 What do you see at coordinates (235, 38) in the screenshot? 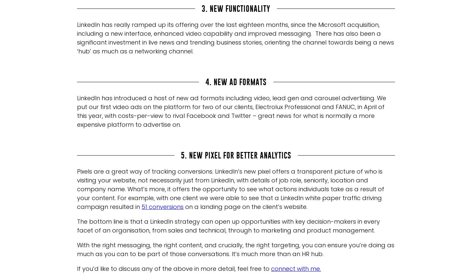
I see `'LinkedIn has really ramped up its offering over the last eighteen months, since the Microsoft acquisition, including a new interface, enhanced video capability and improved messaging.  There has also been a significant investment in live news and trending business stories, orienting the channel towards being a news ‘hub’ as much as a networking channel.'` at bounding box center [235, 38].